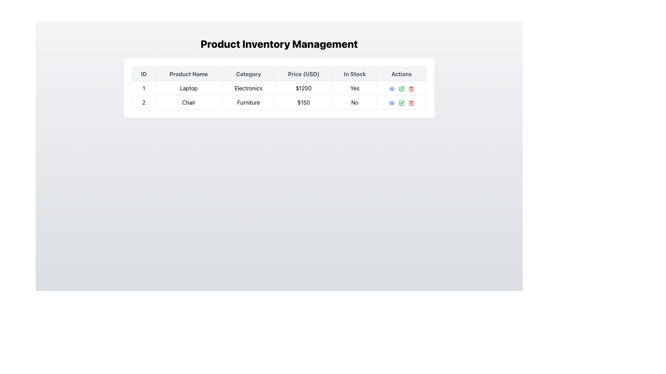 The image size is (666, 374). Describe the element at coordinates (189, 88) in the screenshot. I see `text content of the product name in the second cell of the inventory table, located in the 'Product Name' column` at that location.